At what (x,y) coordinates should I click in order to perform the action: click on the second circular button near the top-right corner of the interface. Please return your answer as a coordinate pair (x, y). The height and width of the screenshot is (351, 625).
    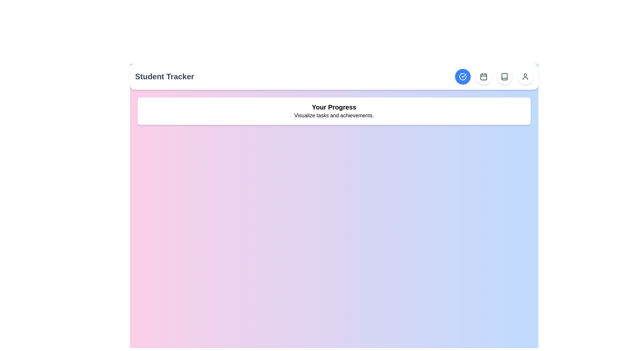
    Looking at the image, I should click on (484, 76).